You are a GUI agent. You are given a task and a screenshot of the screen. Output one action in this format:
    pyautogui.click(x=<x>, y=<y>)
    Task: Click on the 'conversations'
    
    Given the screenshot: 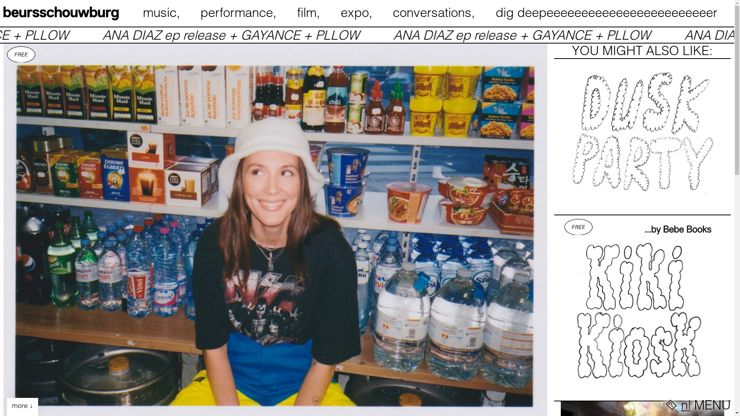 What is the action you would take?
    pyautogui.click(x=435, y=12)
    